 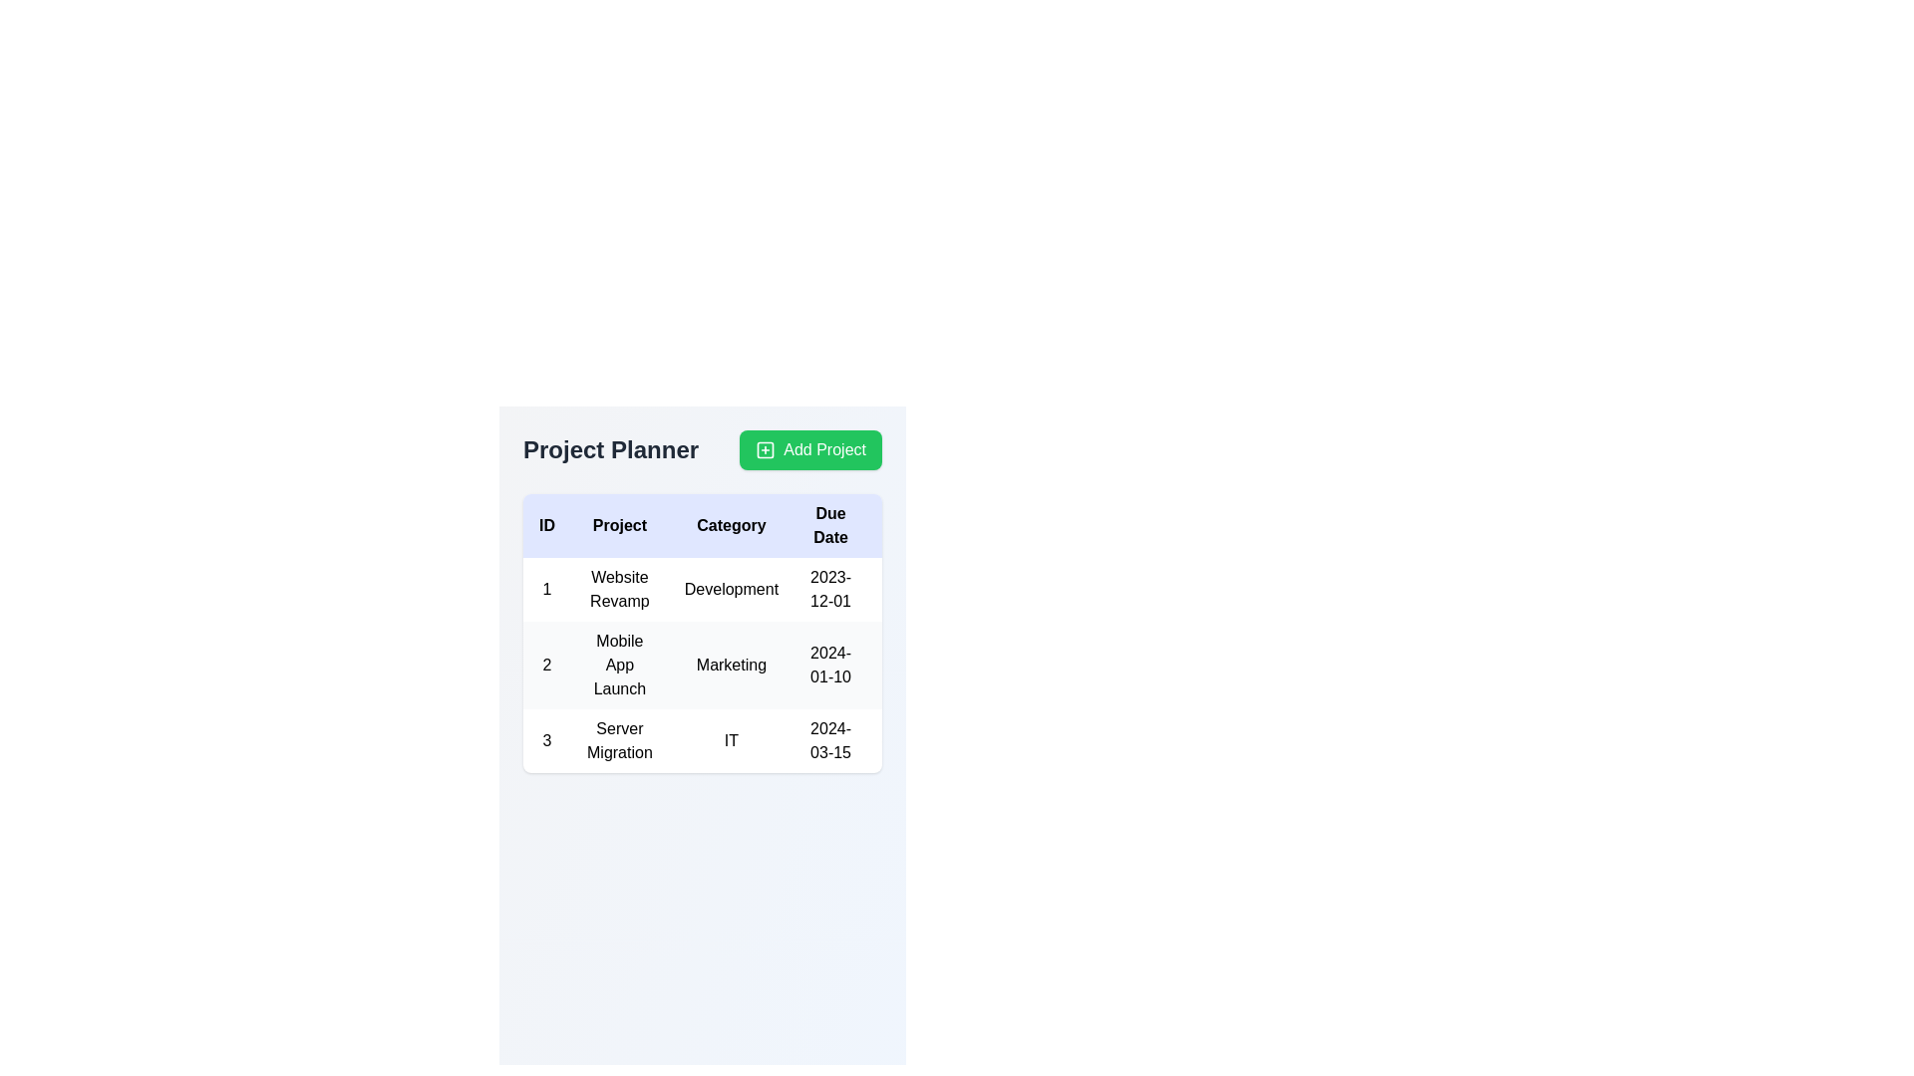 I want to click on the text label displaying 'Mobile App Launch' located in the second cell of the second row under the 'Project' column in the table, so click(x=618, y=665).